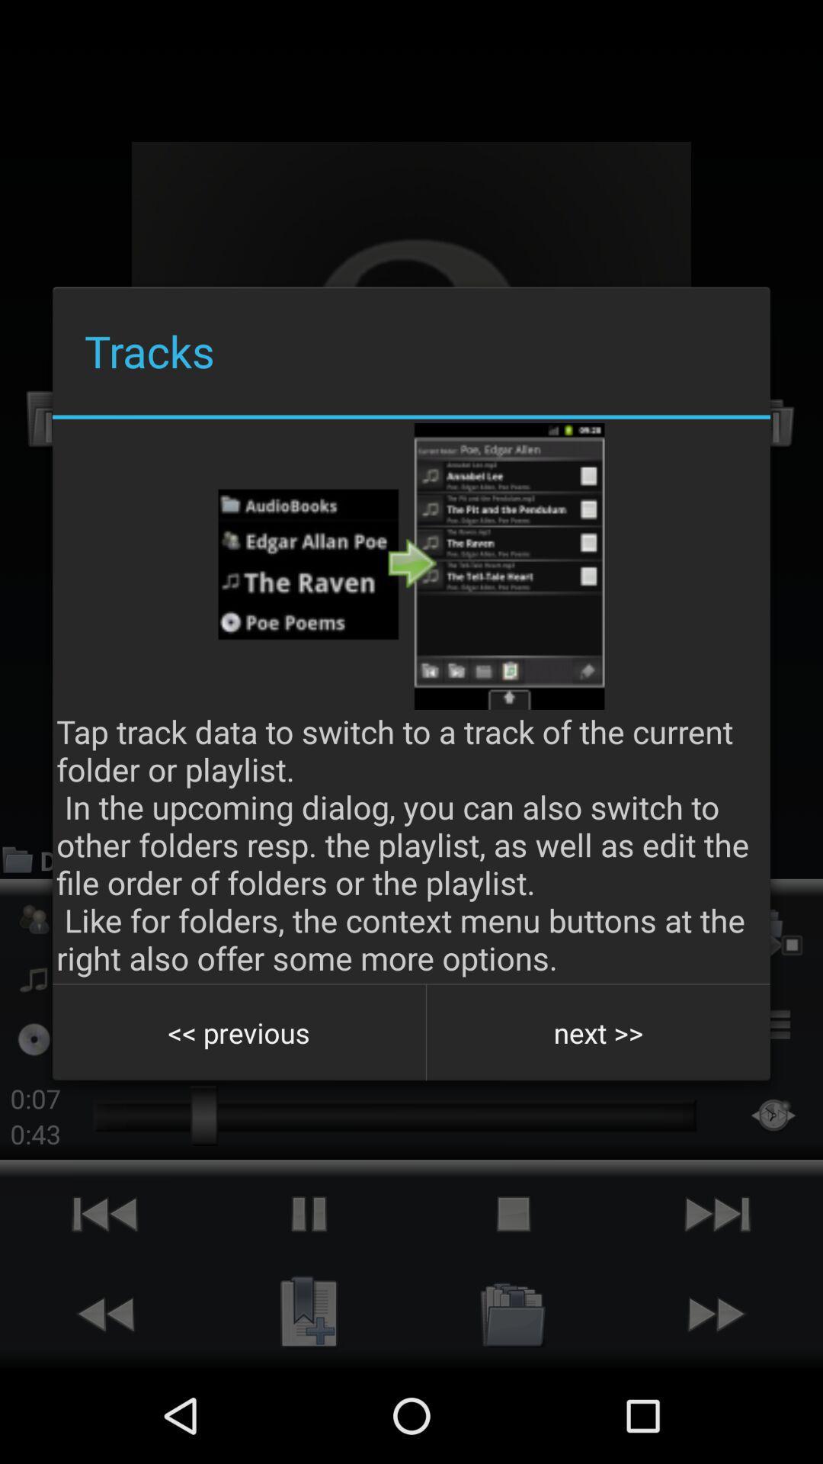 Image resolution: width=823 pixels, height=1464 pixels. Describe the element at coordinates (239, 1032) in the screenshot. I see `item to the left of the next >>` at that location.